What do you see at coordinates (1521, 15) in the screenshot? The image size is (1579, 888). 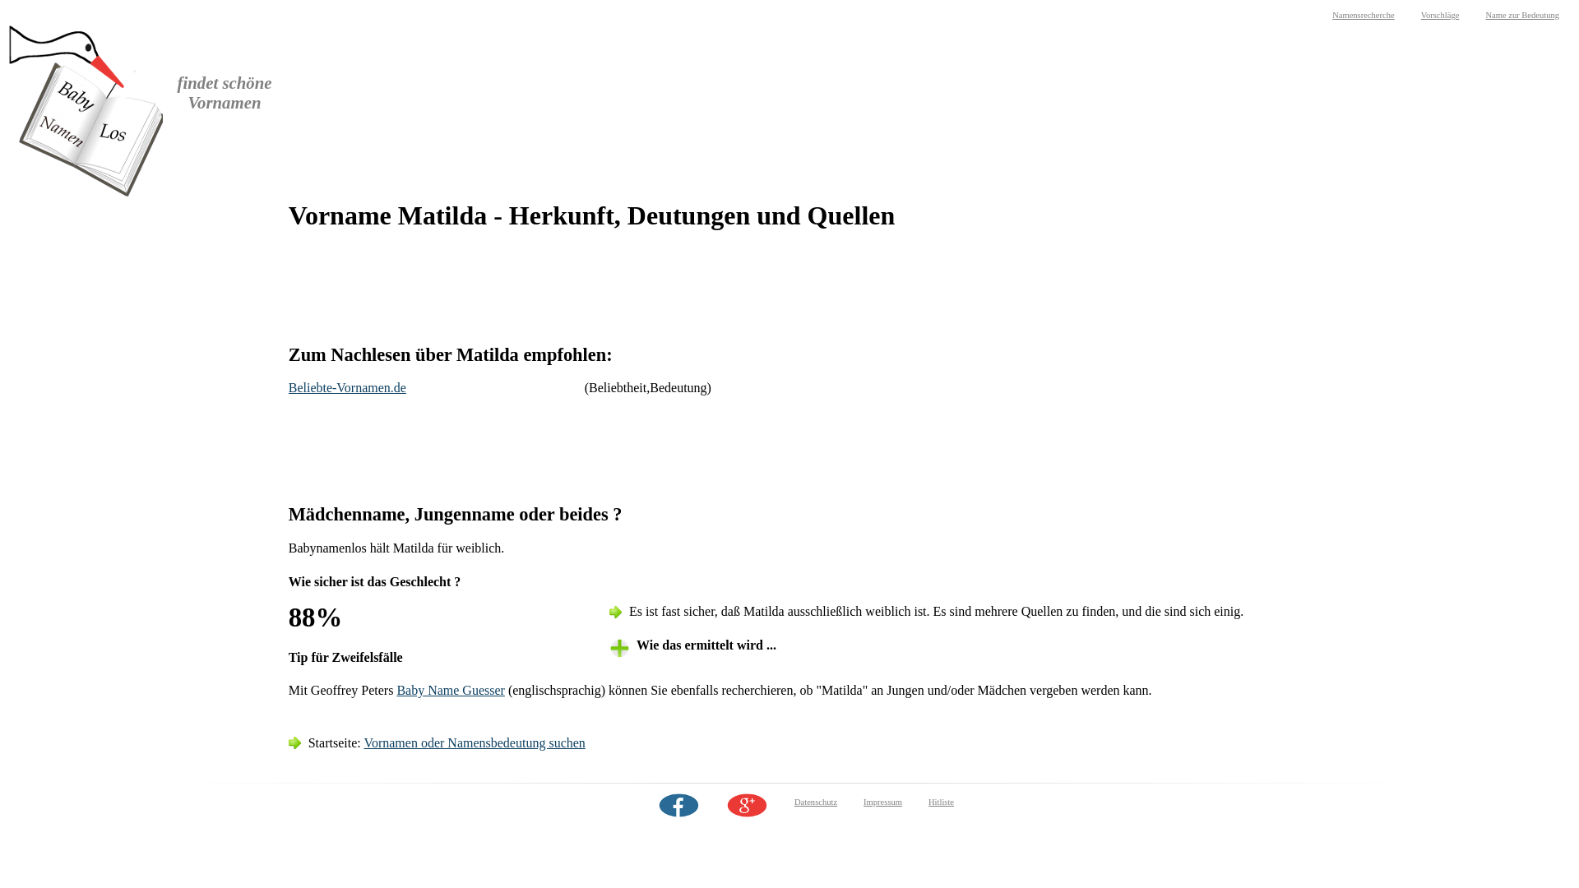 I see `'Name zur Bedeutung'` at bounding box center [1521, 15].